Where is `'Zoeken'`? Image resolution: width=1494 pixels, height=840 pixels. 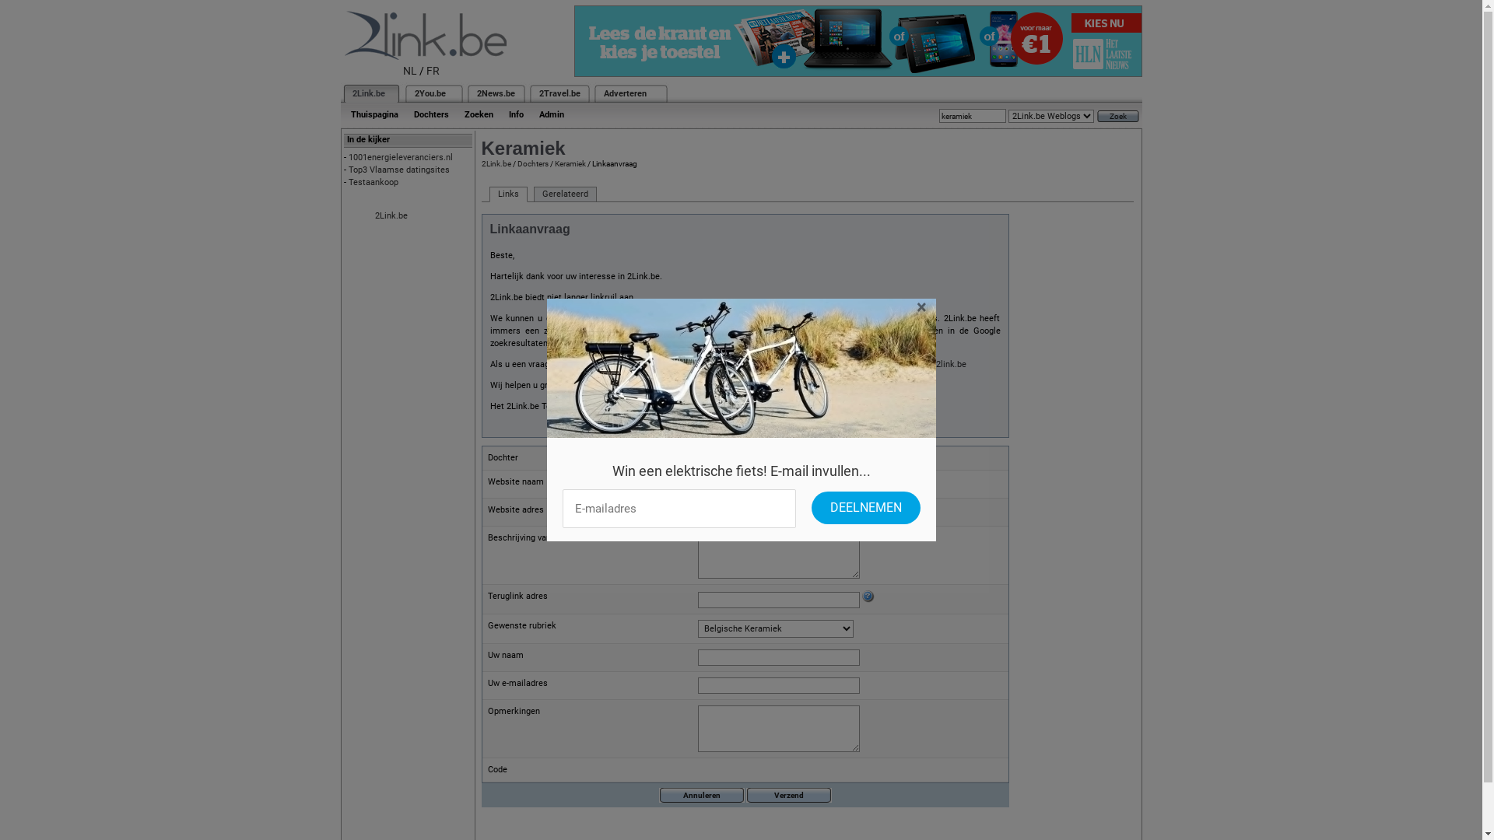 'Zoeken' is located at coordinates (477, 114).